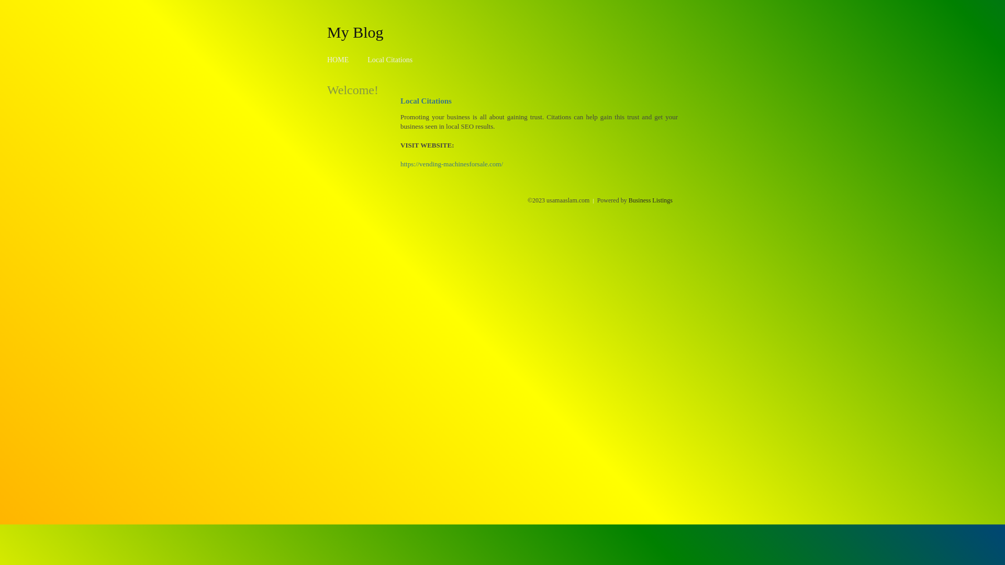 This screenshot has height=565, width=1005. What do you see at coordinates (355, 31) in the screenshot?
I see `'My Blog'` at bounding box center [355, 31].